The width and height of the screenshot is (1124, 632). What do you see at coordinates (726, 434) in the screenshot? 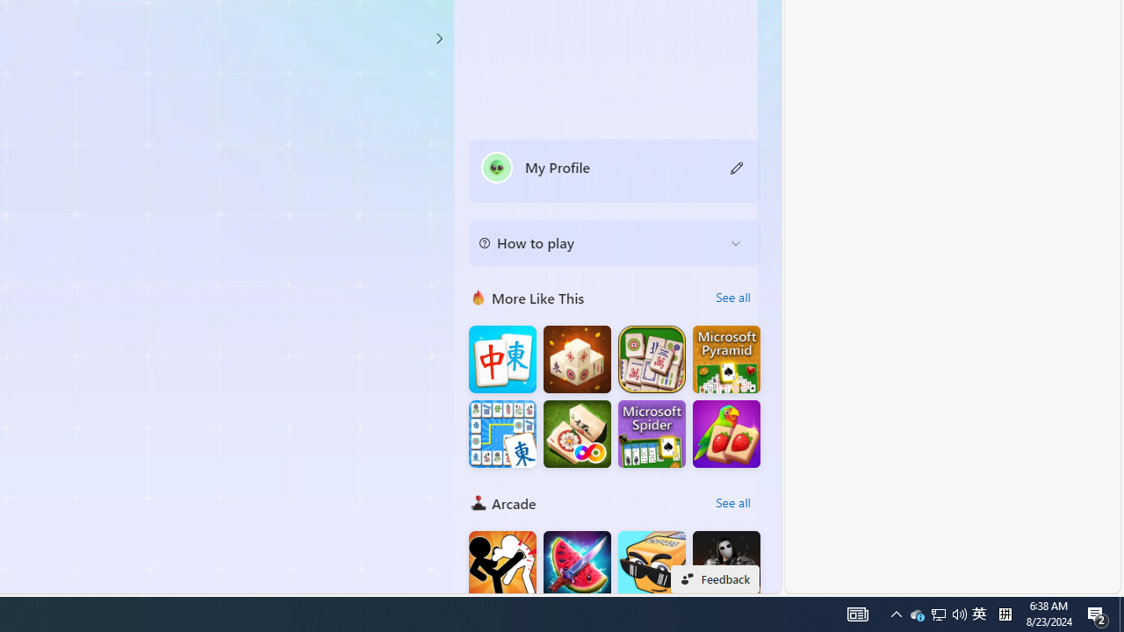
I see `'Solitaire Mahjong Juicy'` at bounding box center [726, 434].